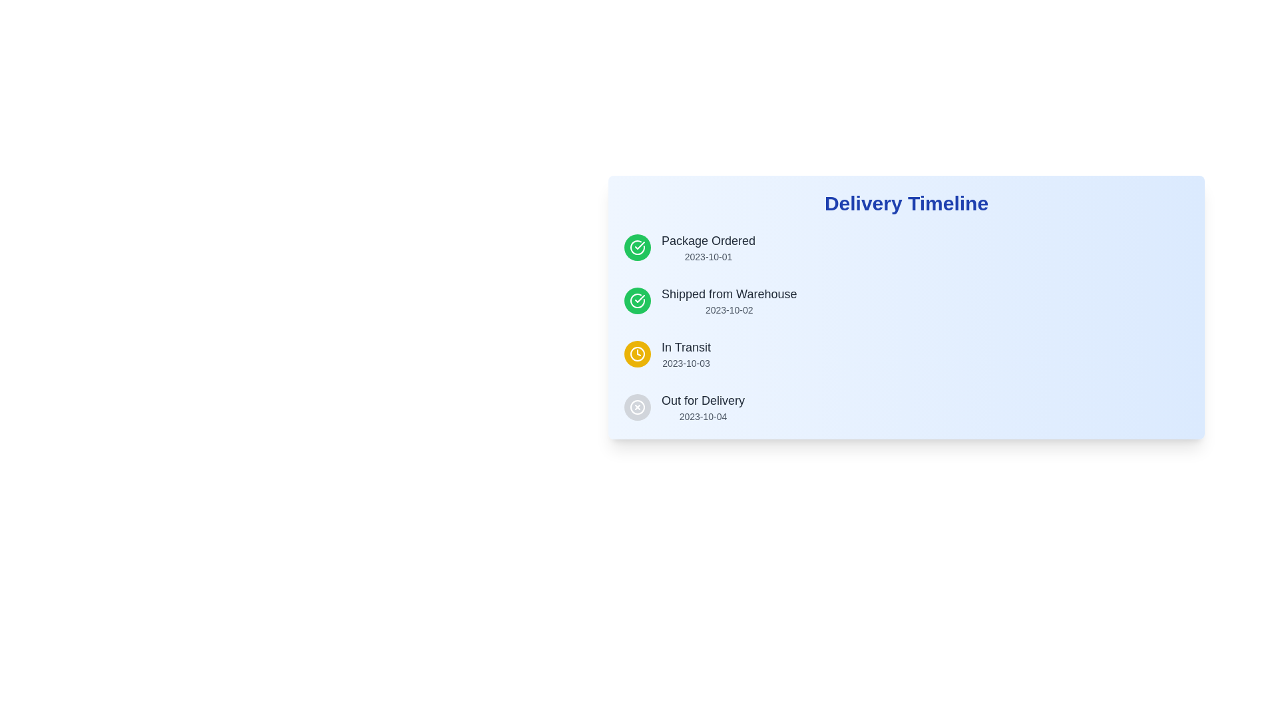 This screenshot has width=1278, height=719. Describe the element at coordinates (637, 247) in the screenshot. I see `the status representation of the circular green icon with a white checkmark, located to the left of the text 'Package Ordered' and the date '2023-10-01'` at that location.